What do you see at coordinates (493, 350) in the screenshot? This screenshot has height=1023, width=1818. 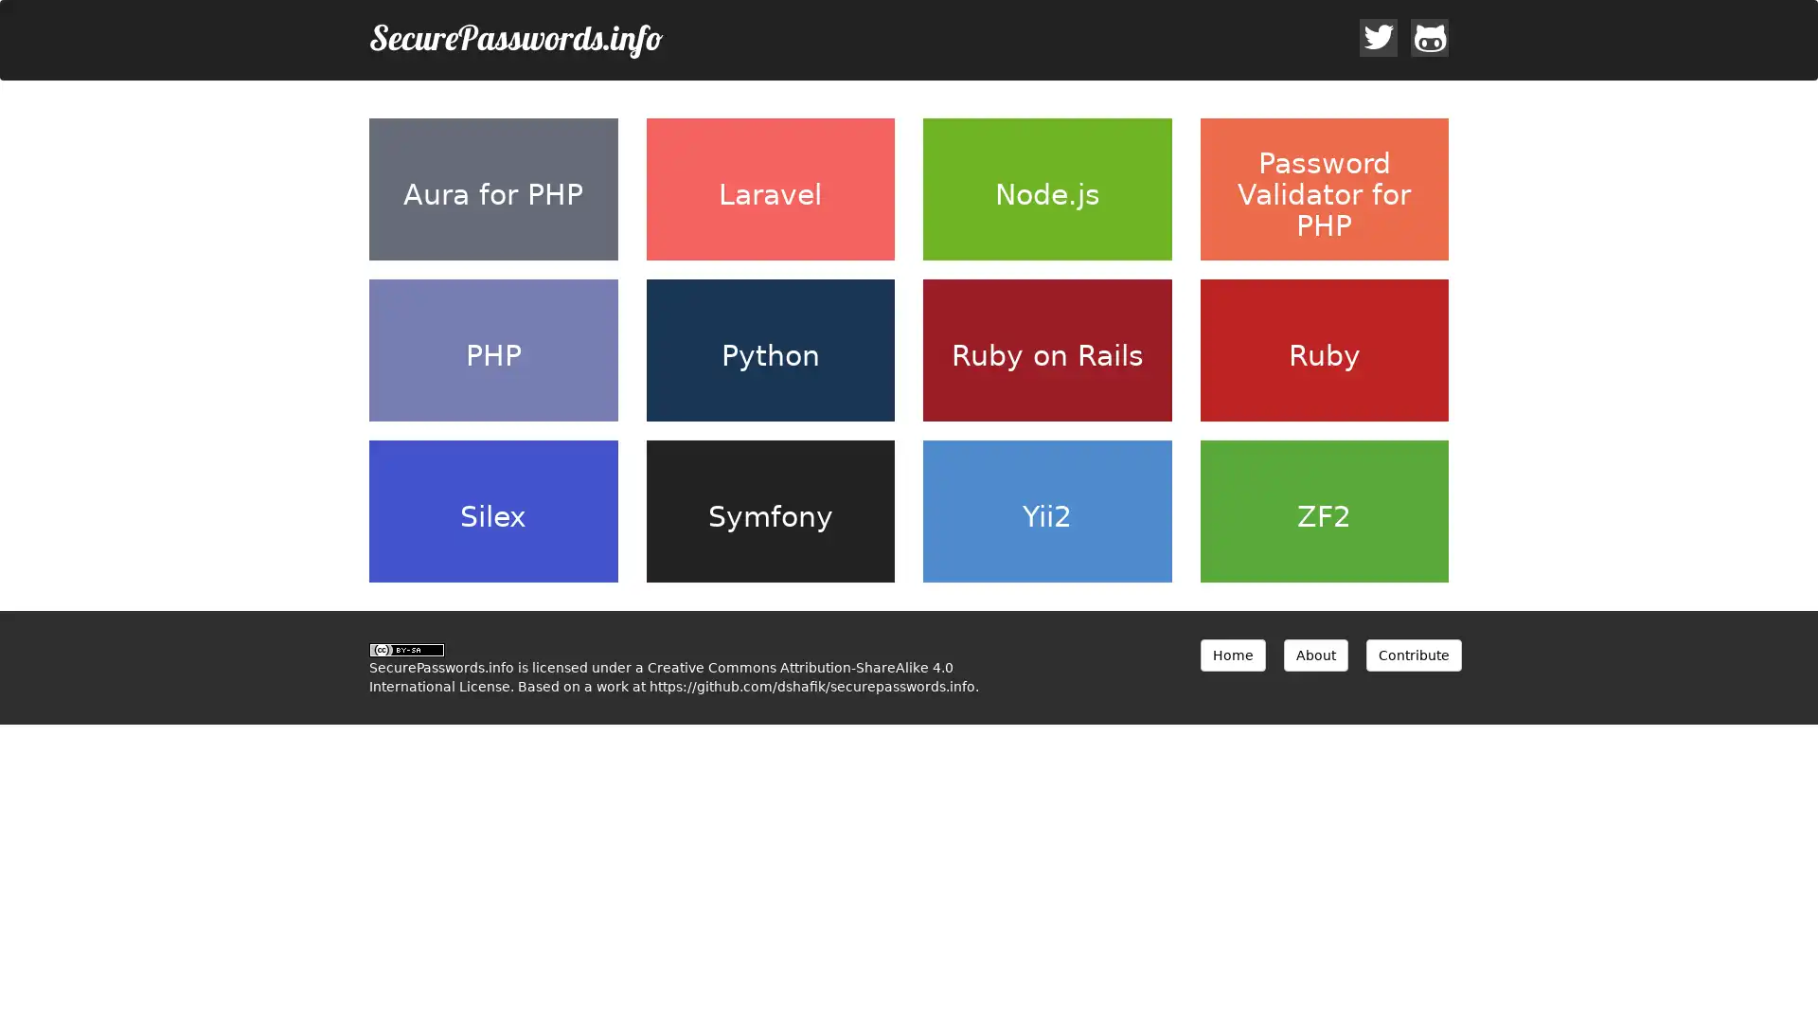 I see `PHP` at bounding box center [493, 350].